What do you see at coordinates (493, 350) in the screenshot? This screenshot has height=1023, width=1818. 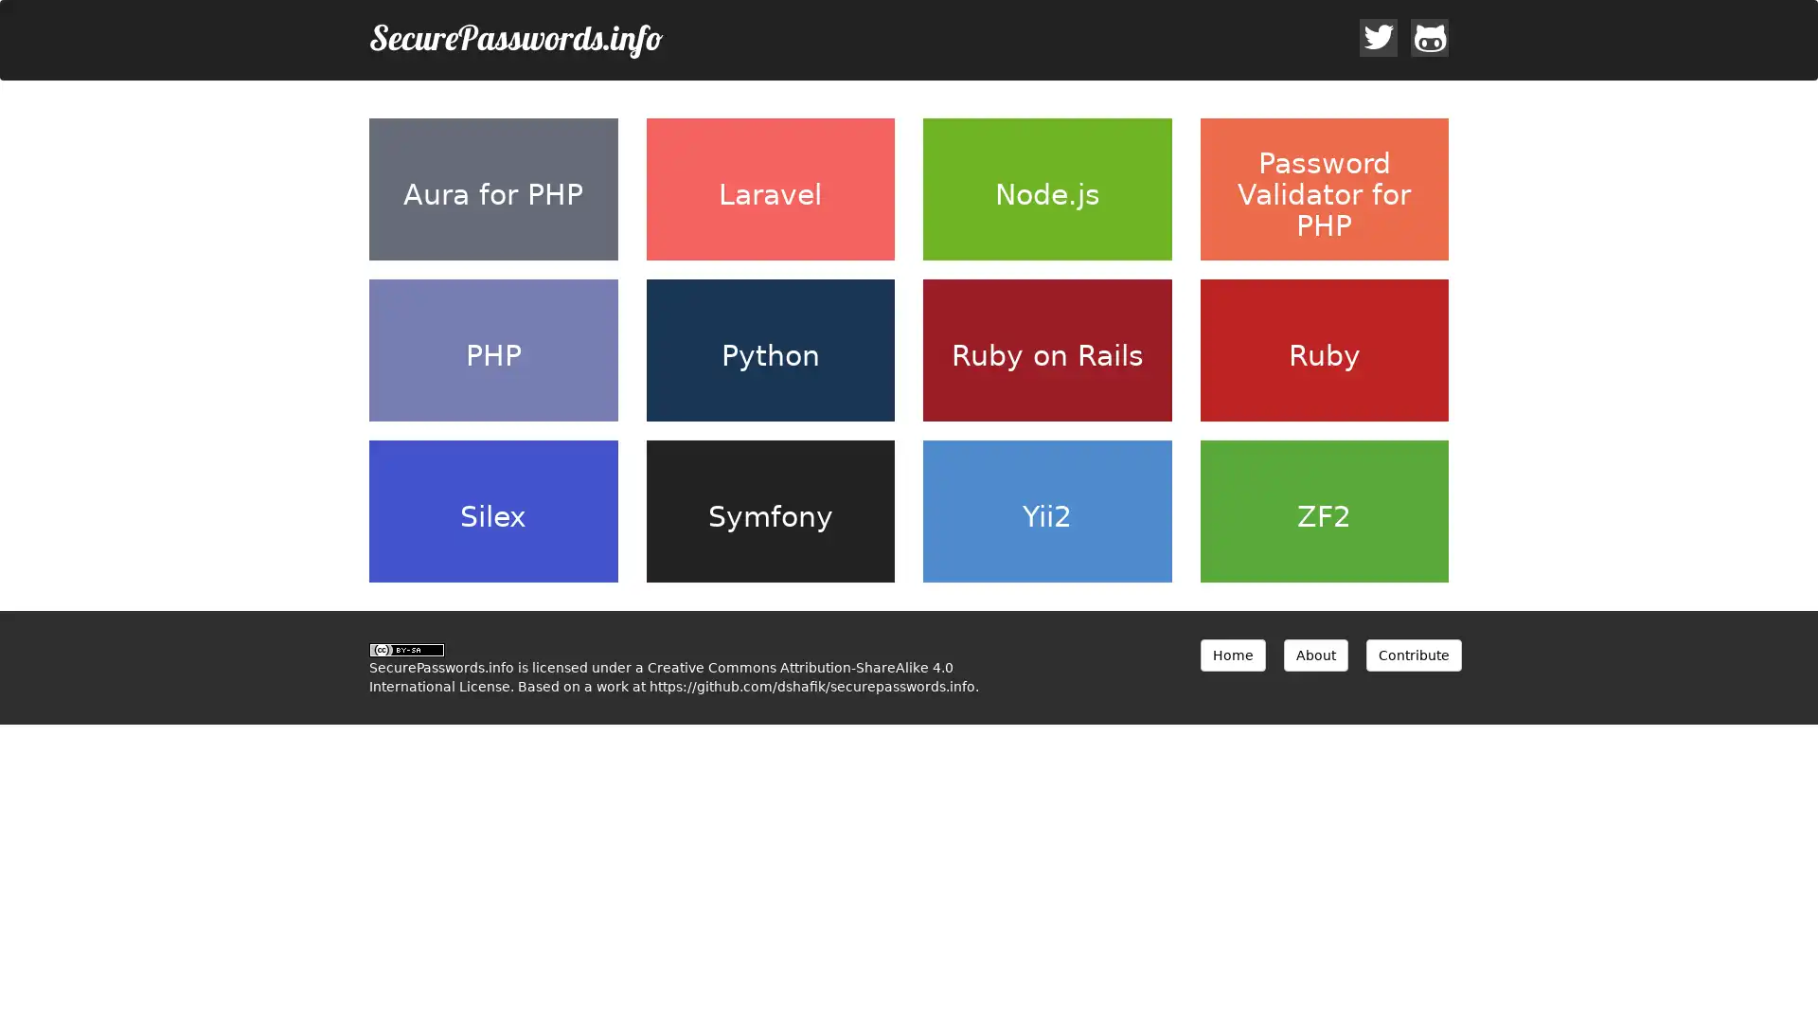 I see `PHP` at bounding box center [493, 350].